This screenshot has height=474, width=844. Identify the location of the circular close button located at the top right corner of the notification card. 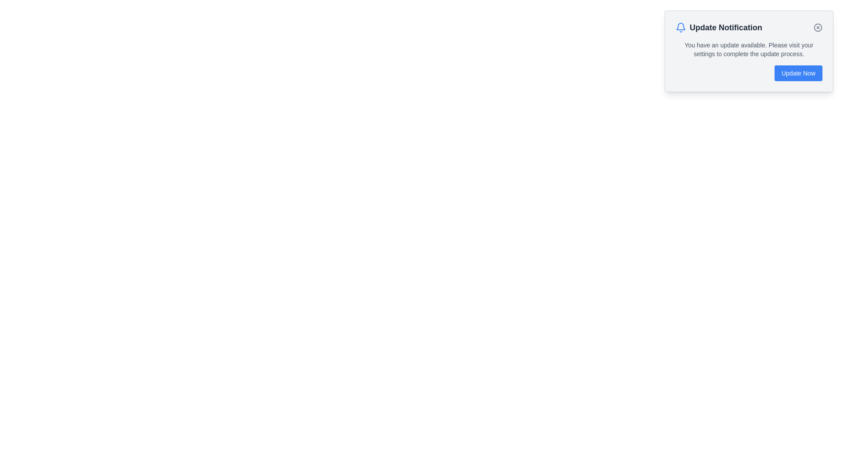
(818, 27).